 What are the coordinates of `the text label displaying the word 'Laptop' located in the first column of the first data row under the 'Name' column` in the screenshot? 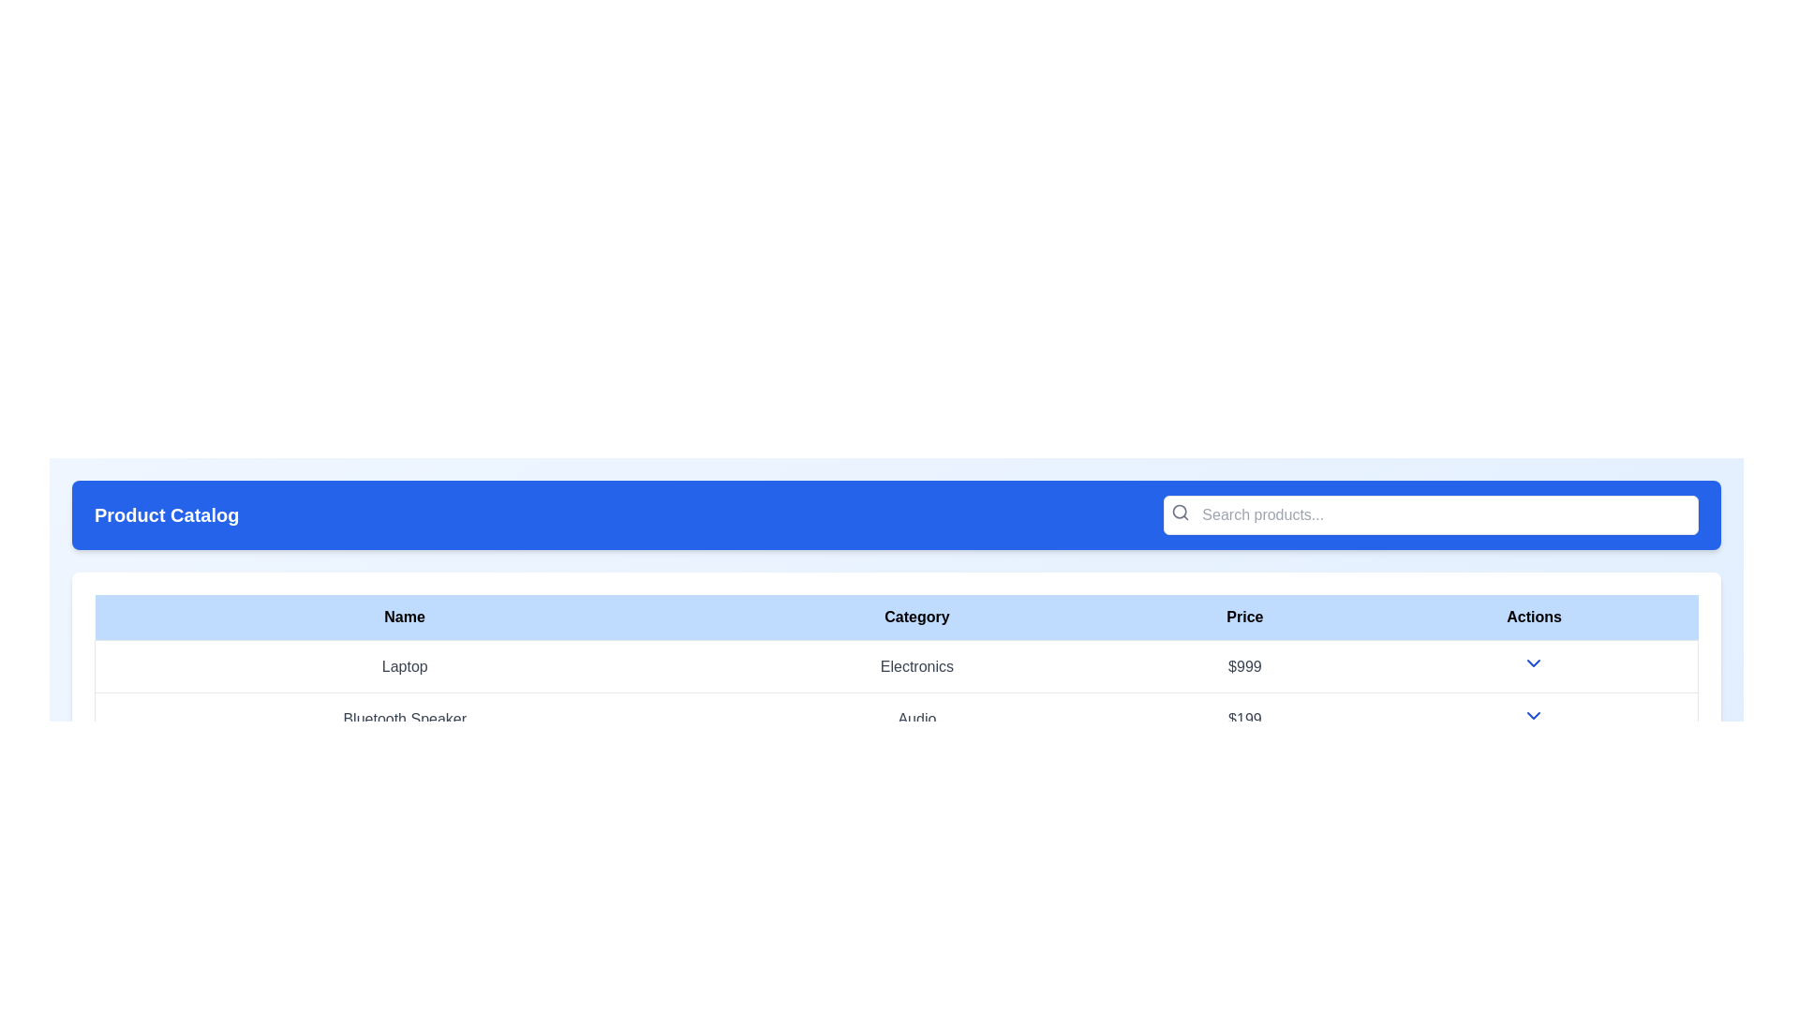 It's located at (404, 665).